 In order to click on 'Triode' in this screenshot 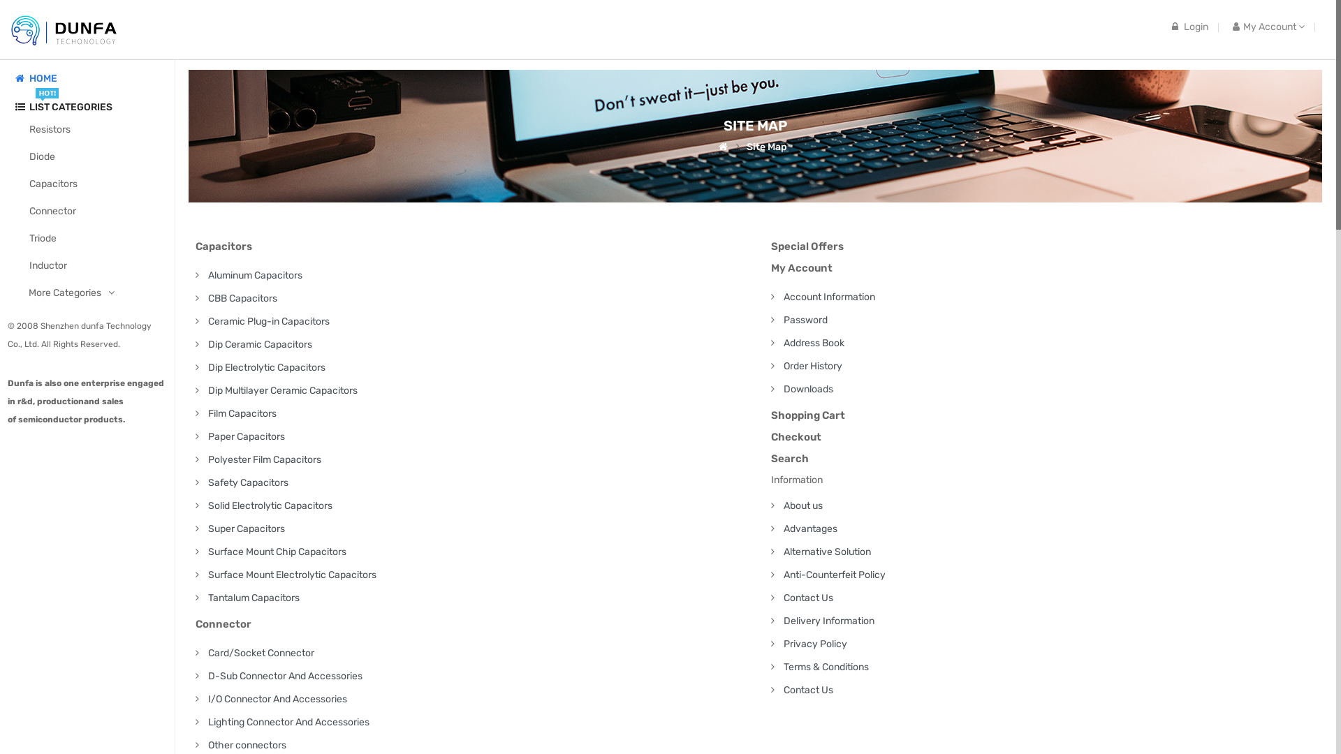, I will do `click(96, 237)`.